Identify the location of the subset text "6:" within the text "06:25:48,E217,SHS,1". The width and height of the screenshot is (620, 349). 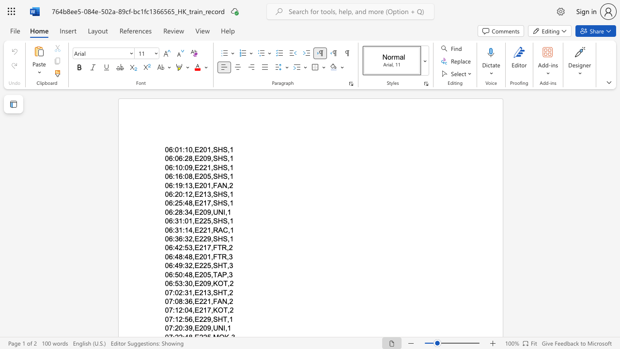
(169, 203).